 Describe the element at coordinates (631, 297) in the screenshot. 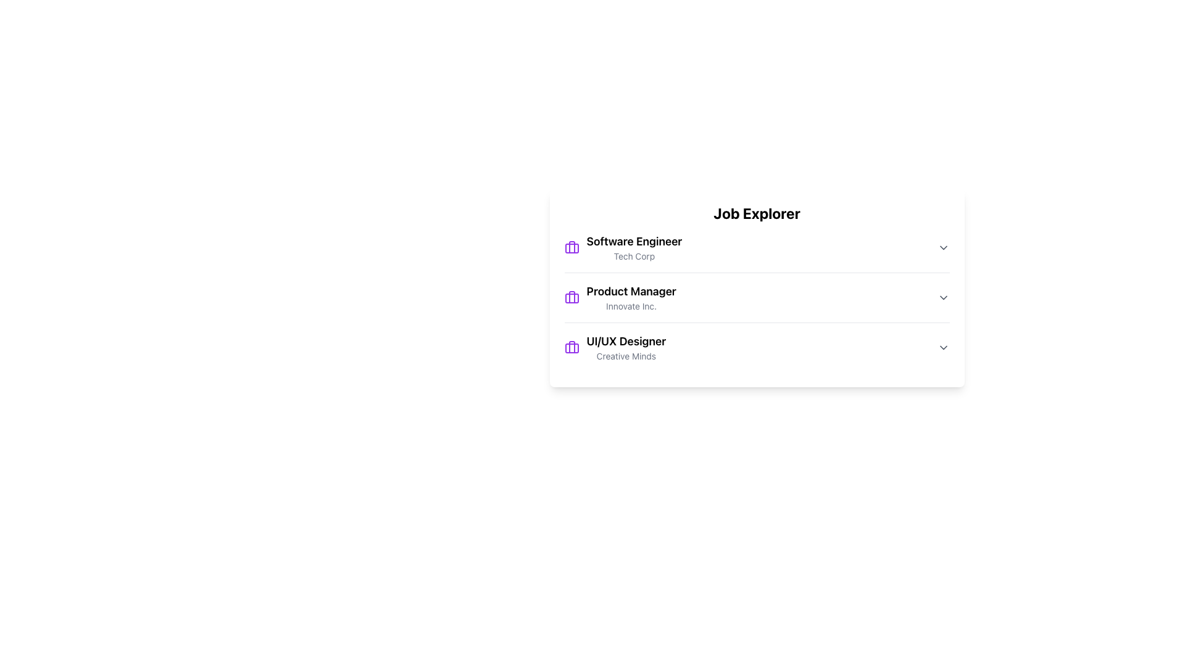

I see `the 'Product Manager' text display element, which features bold text for the title and smaller gray text for the company name, positioned as the second item in a vertical list of job positions` at that location.